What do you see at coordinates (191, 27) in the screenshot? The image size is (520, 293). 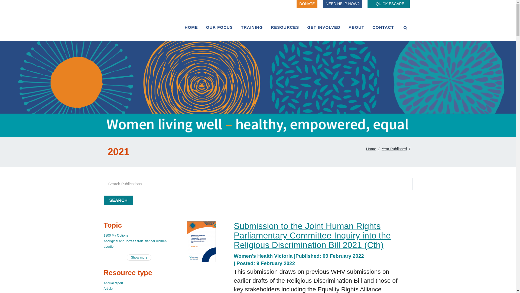 I see `'HOME'` at bounding box center [191, 27].